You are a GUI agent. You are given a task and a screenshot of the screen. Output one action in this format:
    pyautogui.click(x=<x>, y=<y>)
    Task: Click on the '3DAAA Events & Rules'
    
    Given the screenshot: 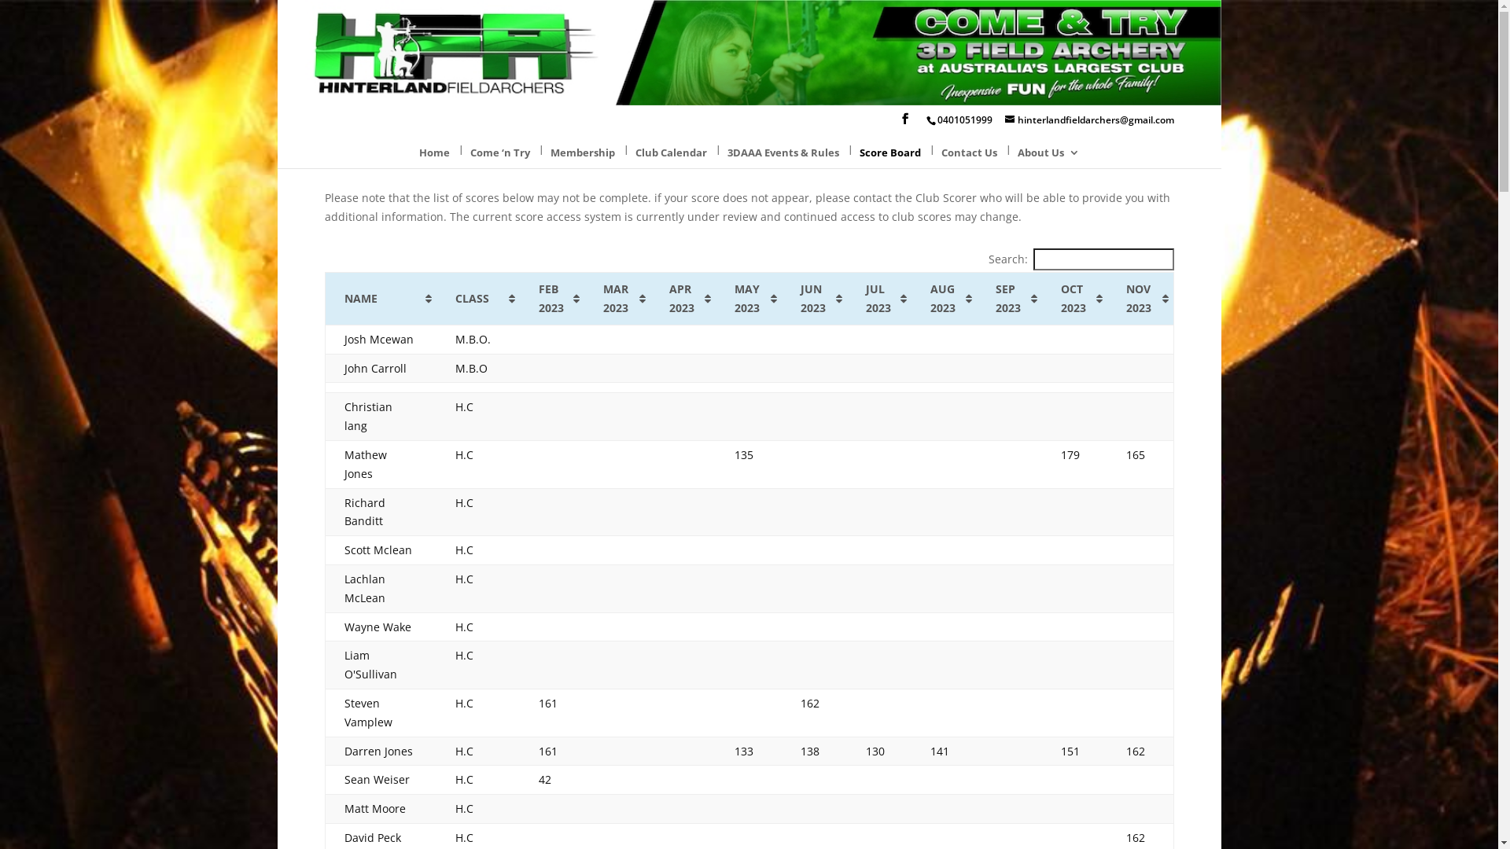 What is the action you would take?
    pyautogui.click(x=726, y=156)
    